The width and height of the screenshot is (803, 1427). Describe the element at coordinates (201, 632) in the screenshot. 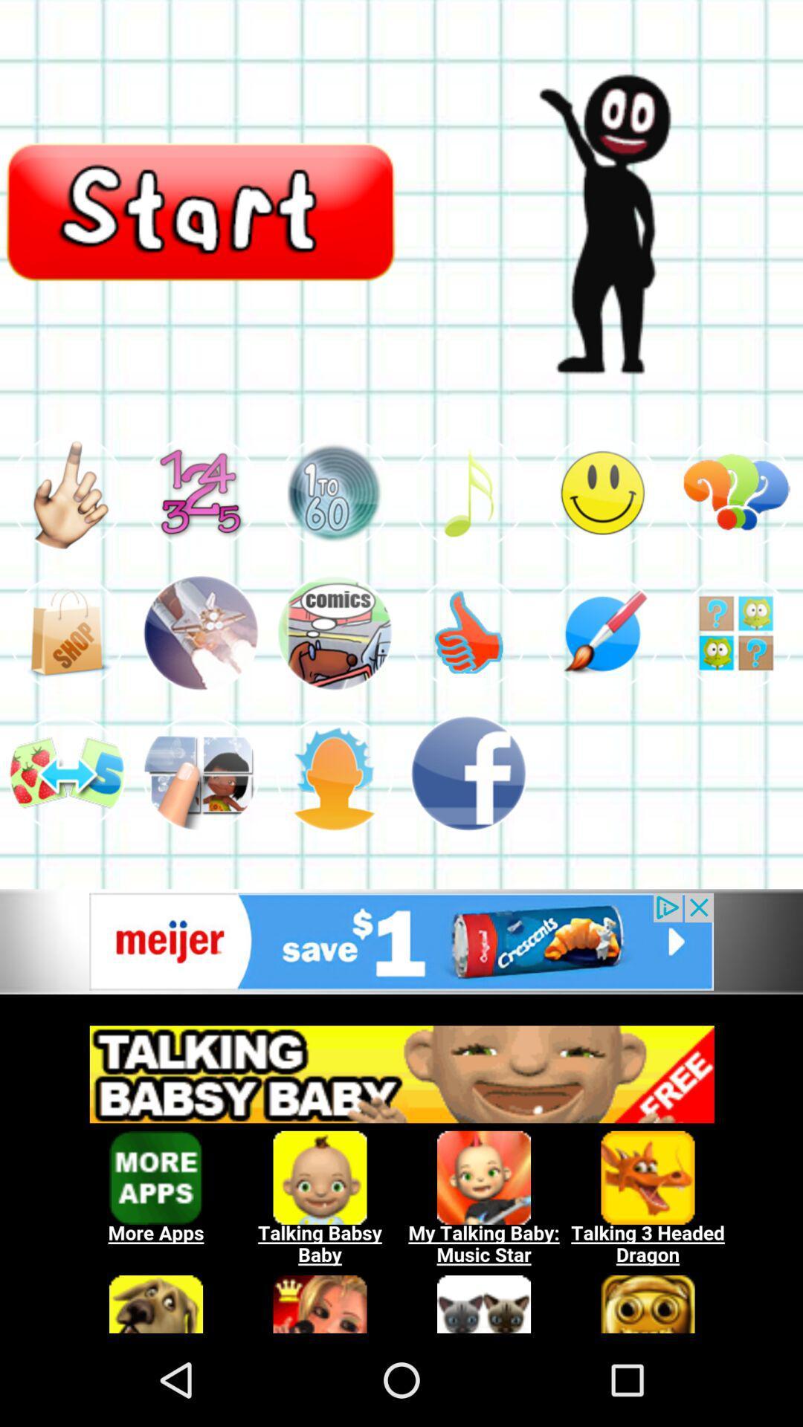

I see `click picture icon` at that location.